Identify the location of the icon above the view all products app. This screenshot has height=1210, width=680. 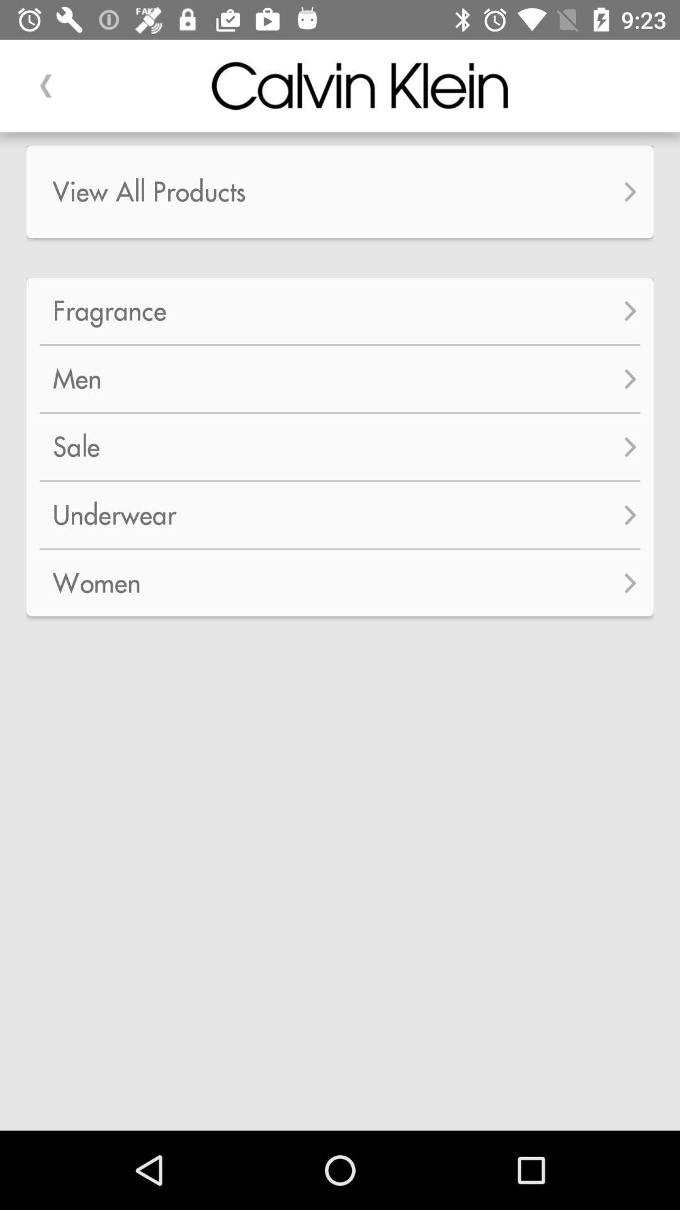
(45, 85).